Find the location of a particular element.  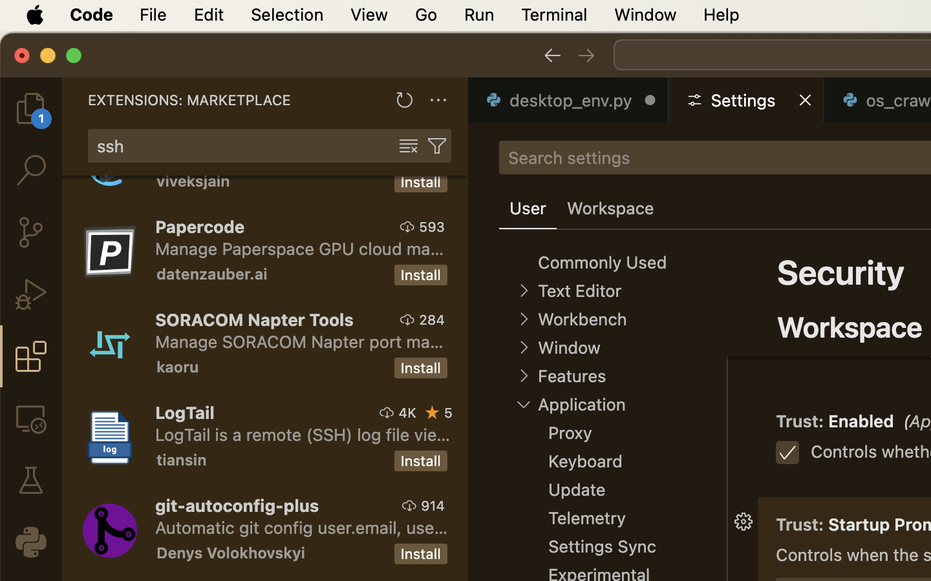

'4K' is located at coordinates (407, 413).